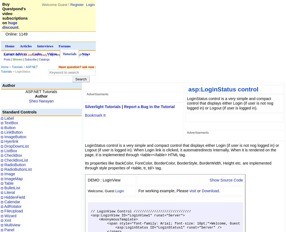  What do you see at coordinates (46, 57) in the screenshot?
I see `'Top Posts'` at bounding box center [46, 57].